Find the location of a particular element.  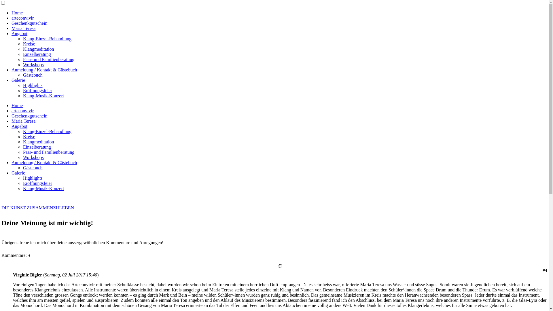

'Workshops' is located at coordinates (33, 157).